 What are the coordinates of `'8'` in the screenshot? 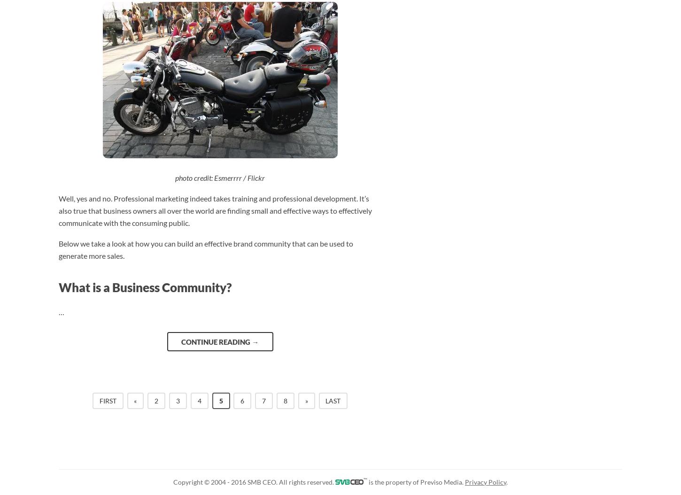 It's located at (284, 400).